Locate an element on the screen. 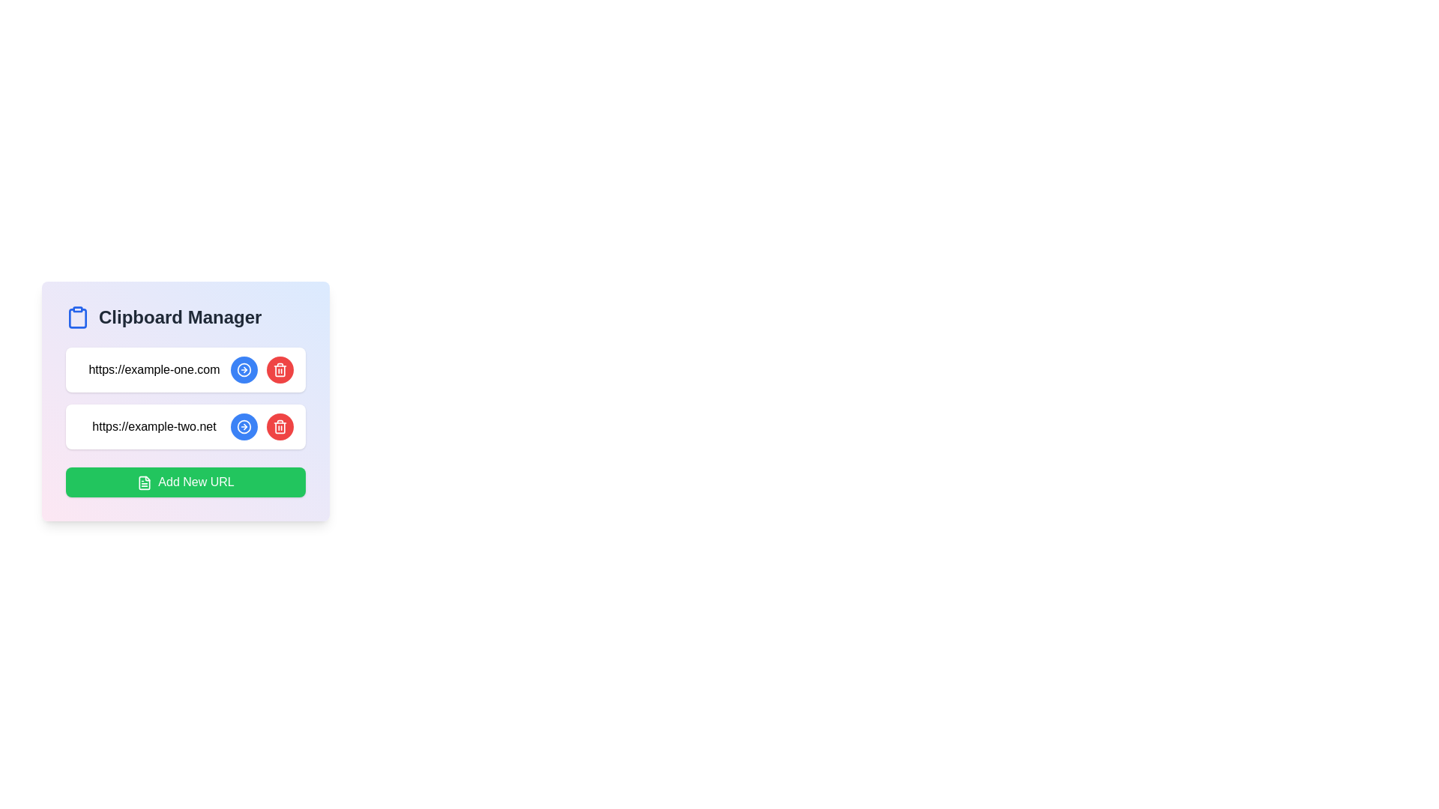 This screenshot has width=1439, height=809. the left vertical side of the trash can body in the SVG element styled as 'lucide-trash2' is located at coordinates (280, 370).